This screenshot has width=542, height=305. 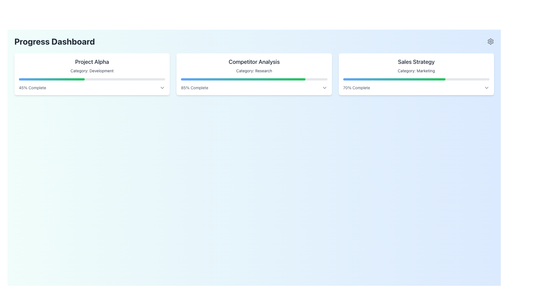 What do you see at coordinates (486, 88) in the screenshot?
I see `the downward-pointing chevron icon button in the footer section of the 'Sales Strategy' card` at bounding box center [486, 88].